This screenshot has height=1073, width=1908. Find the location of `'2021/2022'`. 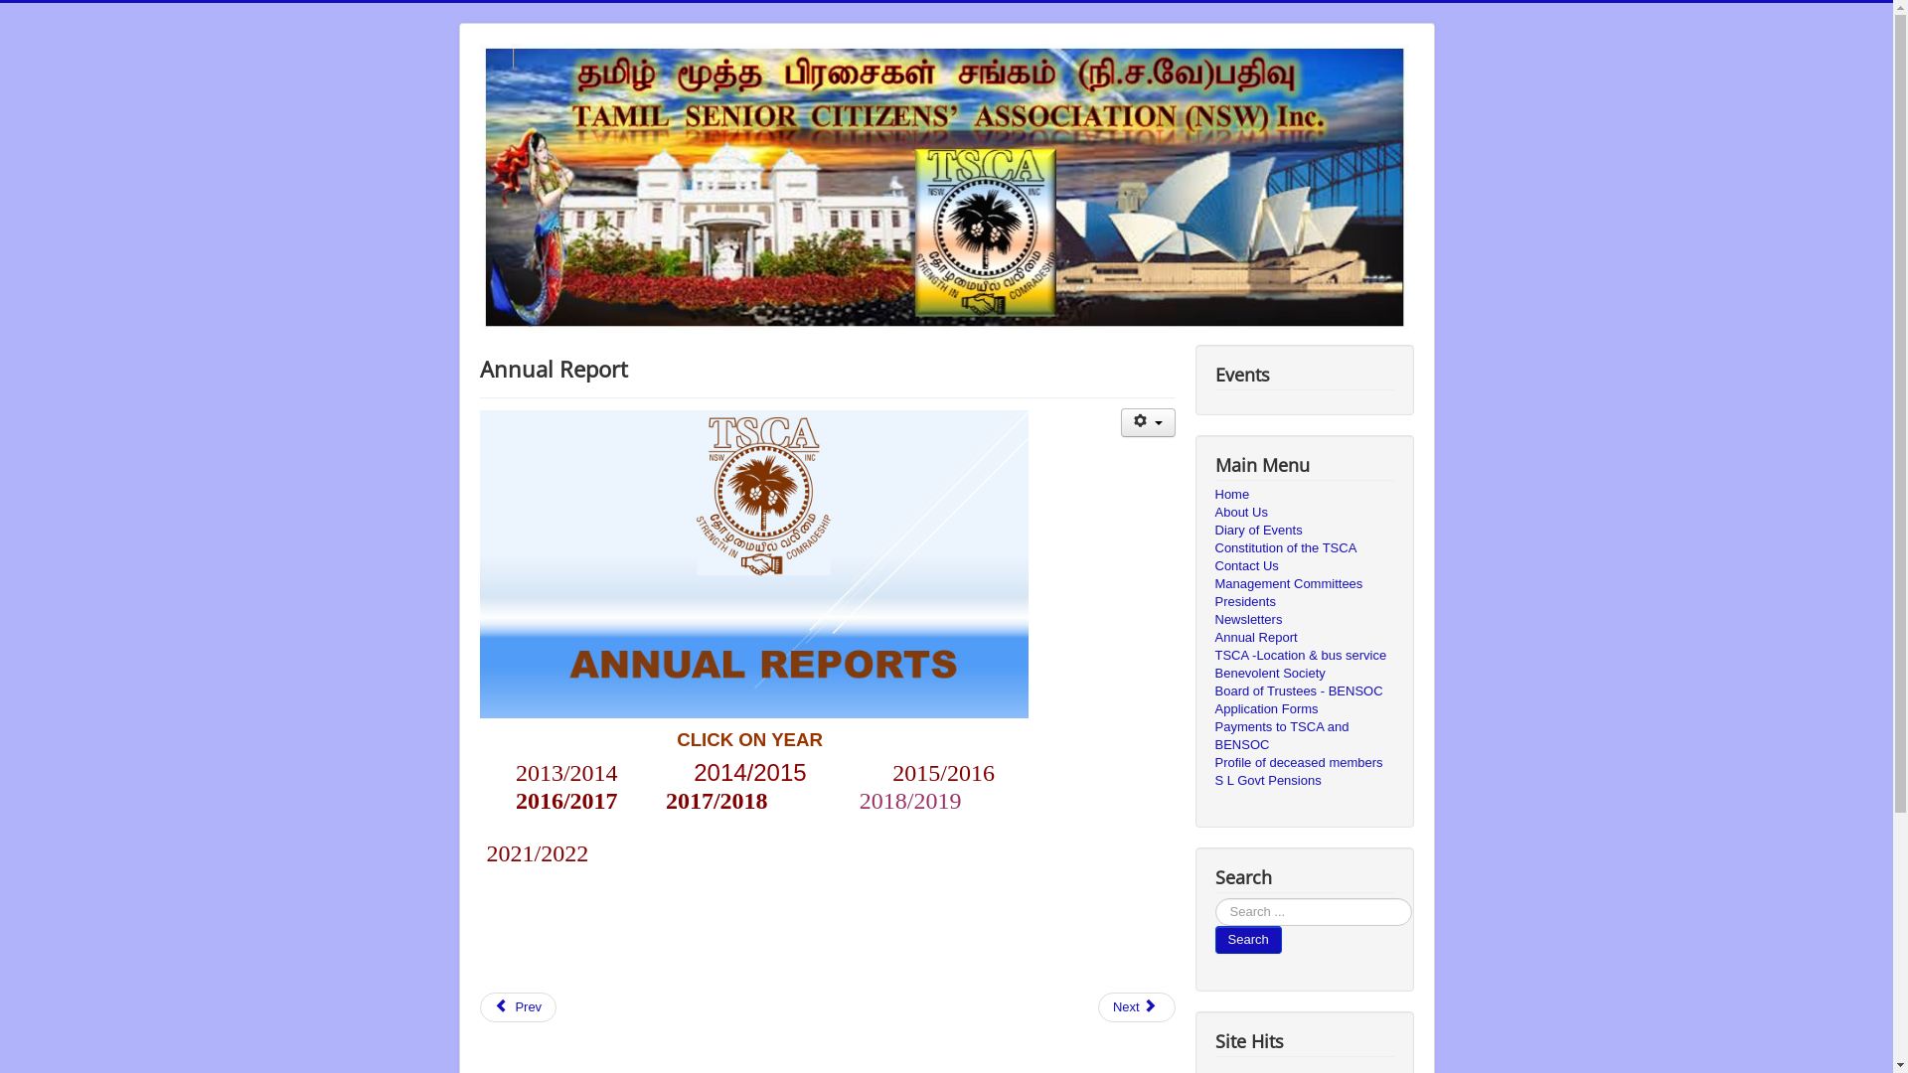

'2021/2022' is located at coordinates (538, 852).